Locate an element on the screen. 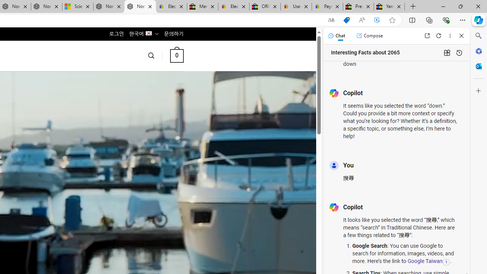 The width and height of the screenshot is (487, 274). 'Customize' is located at coordinates (478, 91).